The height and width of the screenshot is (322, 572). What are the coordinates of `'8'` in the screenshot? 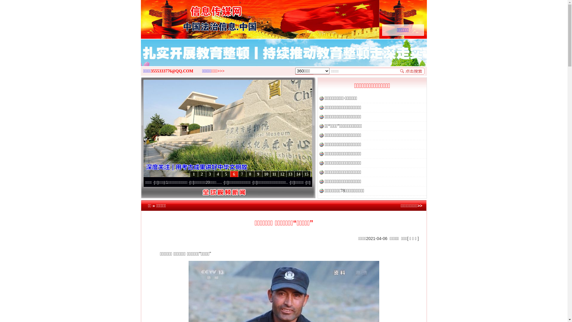 It's located at (250, 174).